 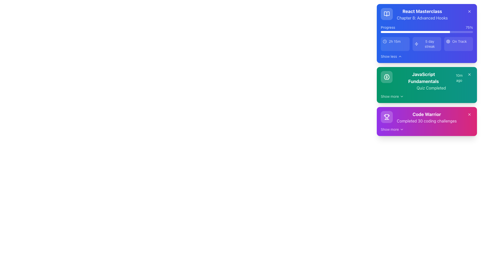 What do you see at coordinates (469, 74) in the screenshot?
I see `the circular button with an 'X' icon located in the top-right corner of the 'JavaScript Fundamentals' green card component` at bounding box center [469, 74].